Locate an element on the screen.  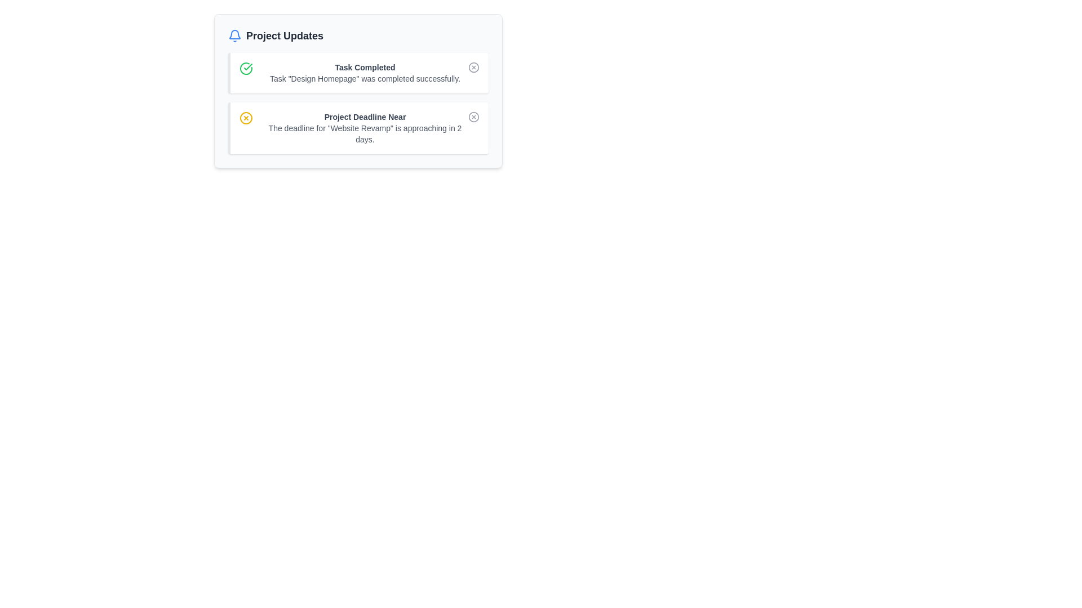
the circular check mark icon with a green stroke, indicating a completed status, located in the 'Project Updates' section under the first notification titled 'Task Completed' is located at coordinates (245, 69).